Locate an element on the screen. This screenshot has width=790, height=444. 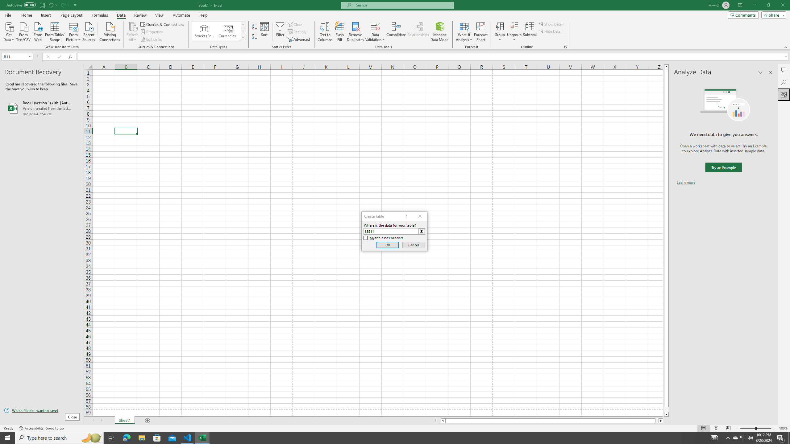
'Analyze Data' is located at coordinates (784, 94).